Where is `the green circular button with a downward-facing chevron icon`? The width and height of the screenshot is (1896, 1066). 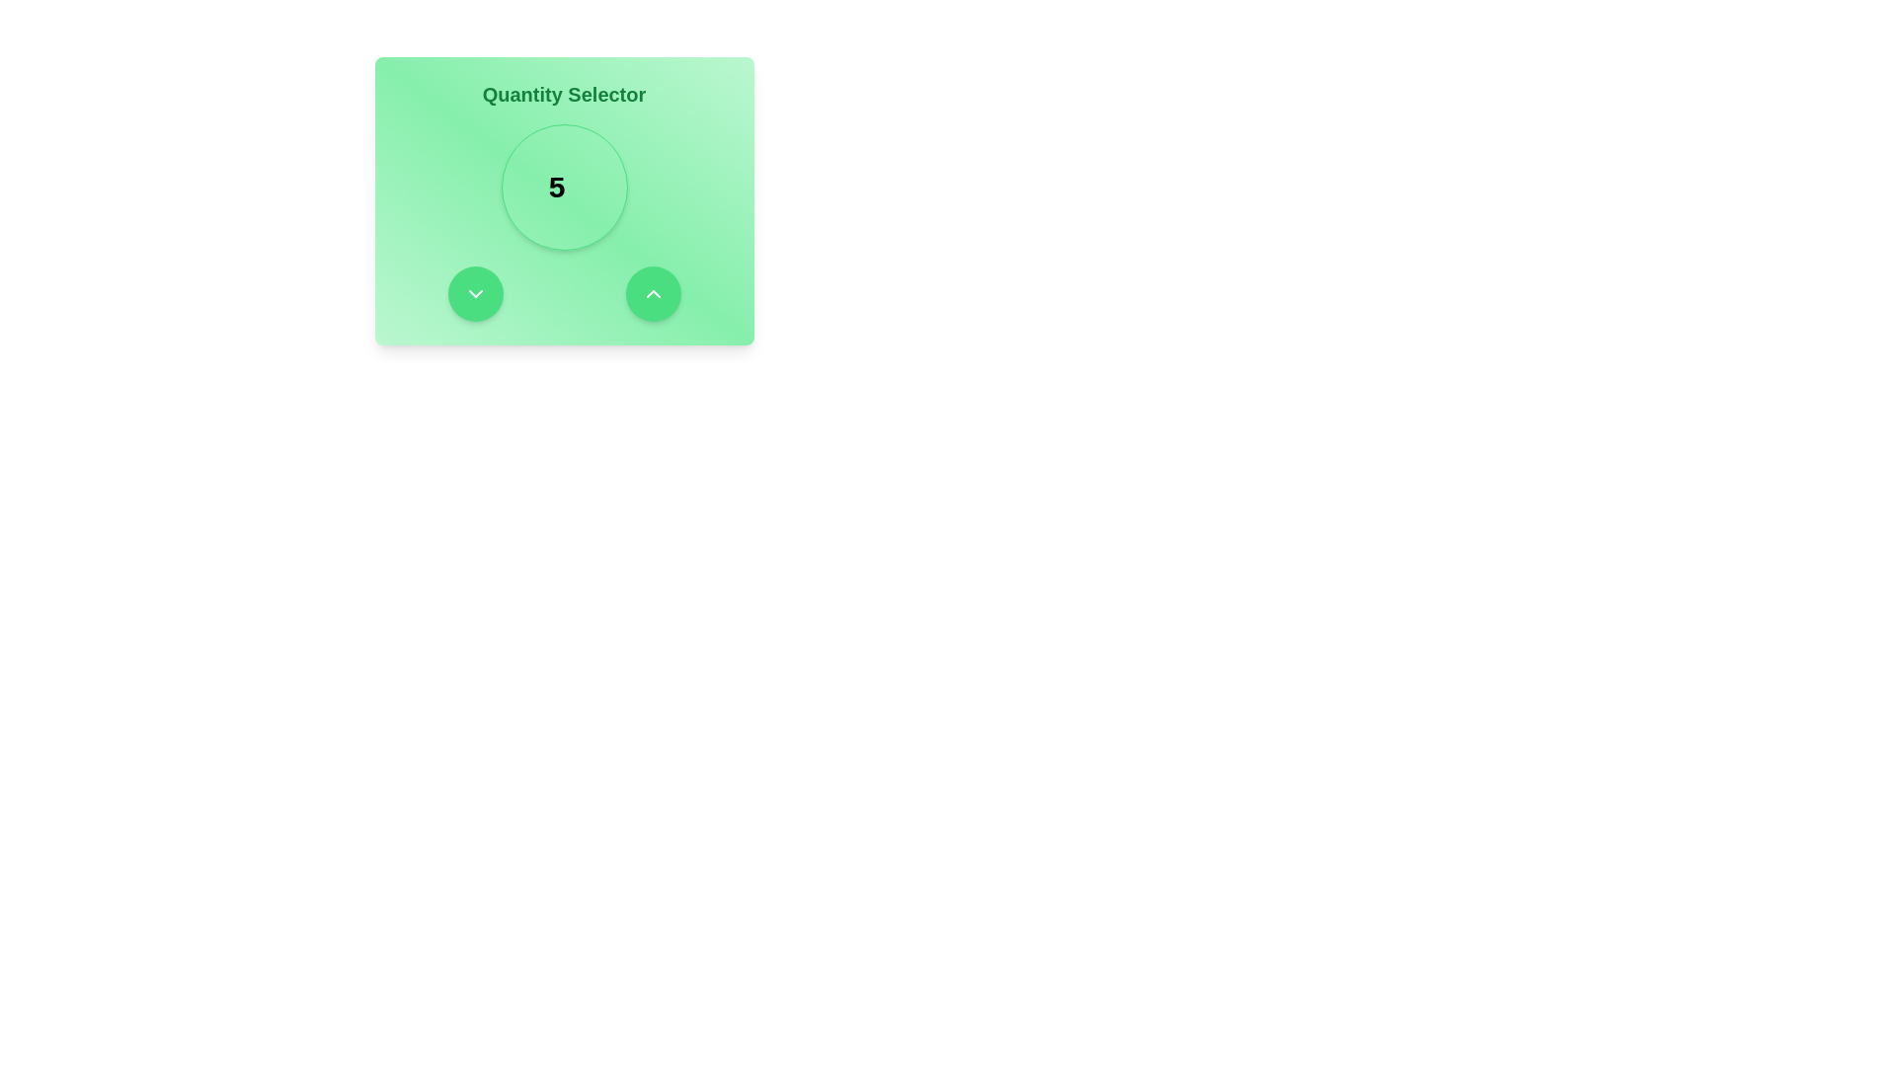 the green circular button with a downward-facing chevron icon is located at coordinates (475, 293).